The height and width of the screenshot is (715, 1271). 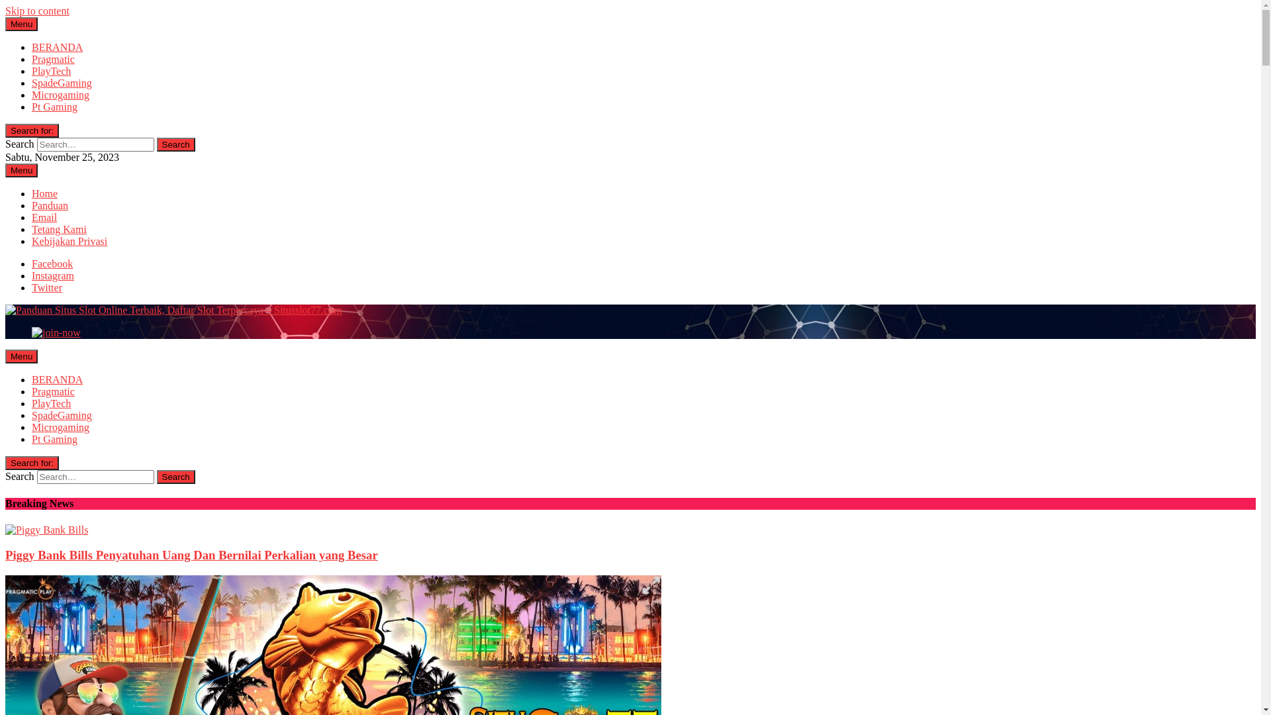 What do you see at coordinates (53, 58) in the screenshot?
I see `'Pragmatic'` at bounding box center [53, 58].